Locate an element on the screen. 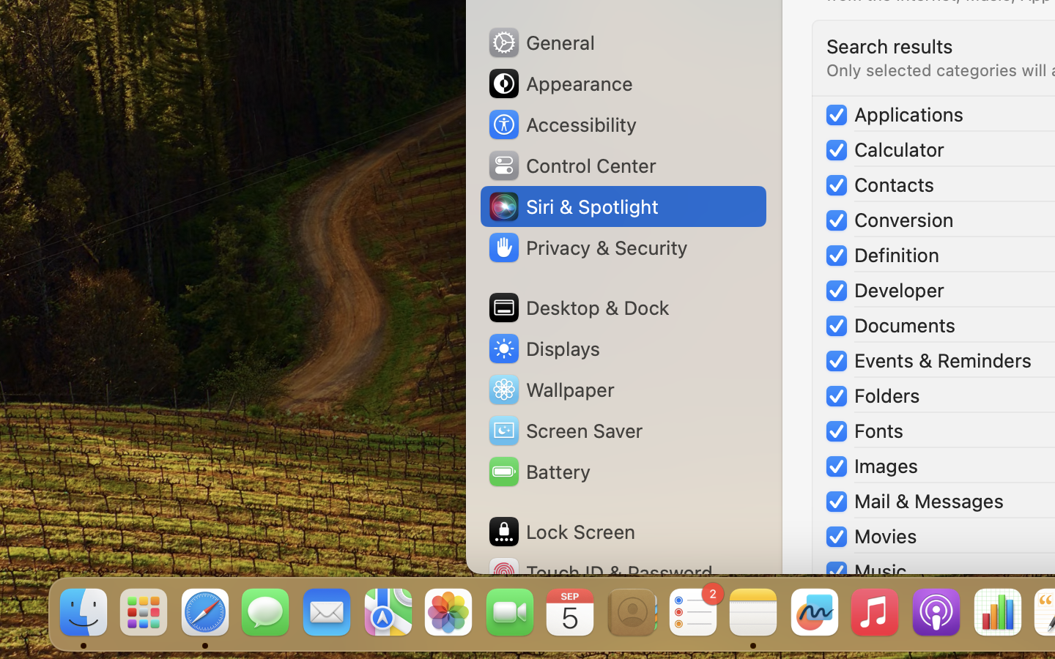 The height and width of the screenshot is (659, 1055). 'Control Center' is located at coordinates (571, 165).